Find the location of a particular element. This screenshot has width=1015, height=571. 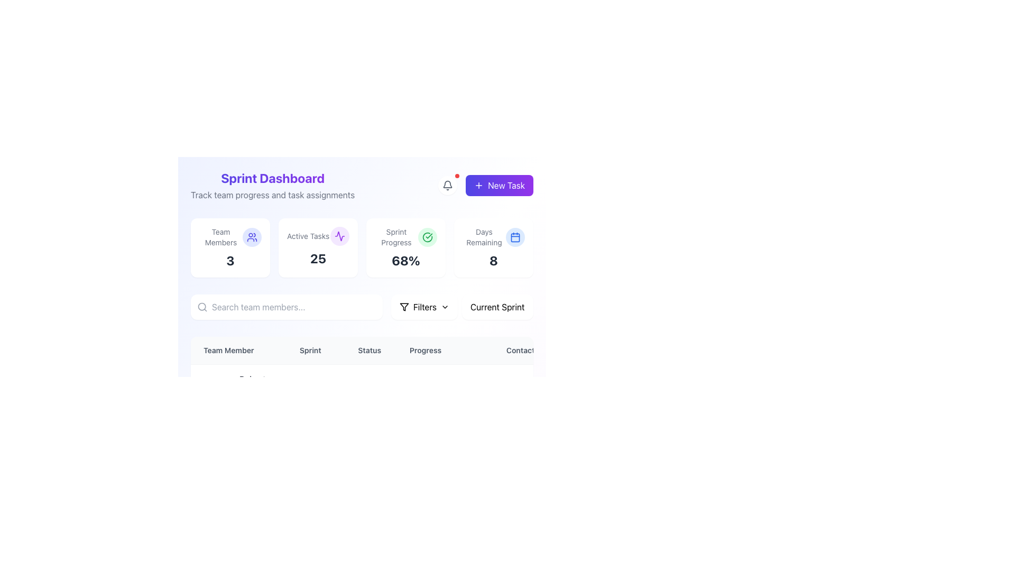

the 'Active Tasks' label with icon, which serves as the title for the section and is positioned above the numeric label '25' is located at coordinates (317, 236).